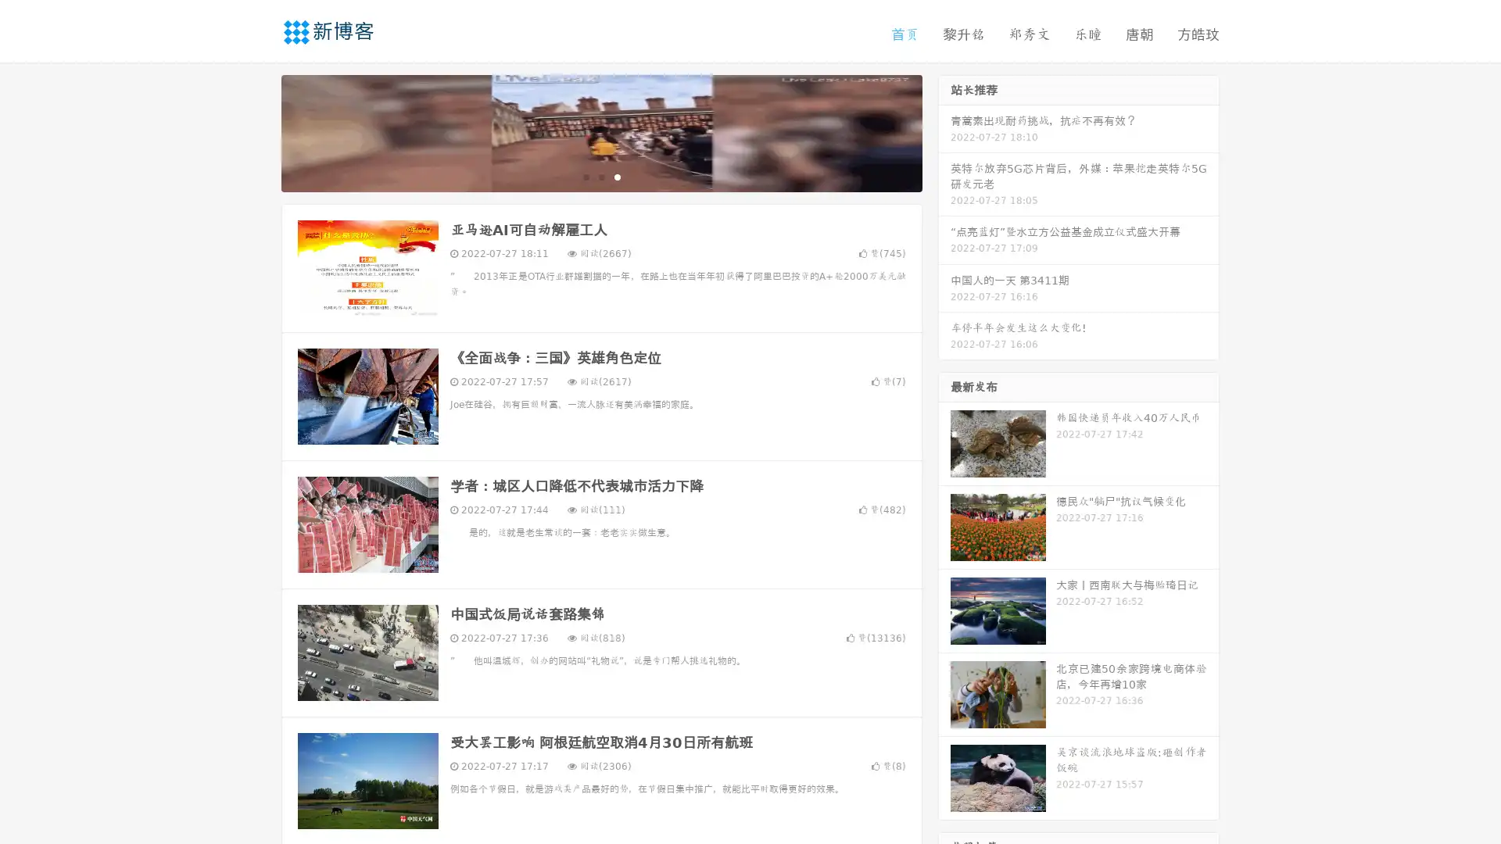 This screenshot has width=1501, height=844. What do you see at coordinates (585, 176) in the screenshot?
I see `Go to slide 1` at bounding box center [585, 176].